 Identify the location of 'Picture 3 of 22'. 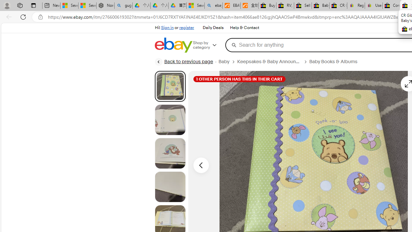
(170, 153).